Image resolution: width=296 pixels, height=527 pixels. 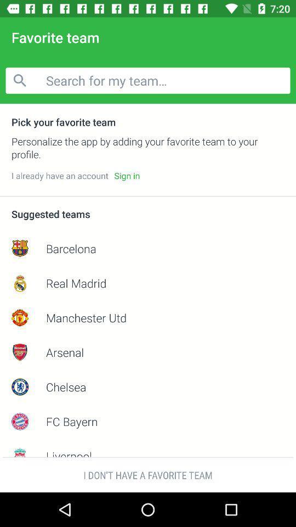 I want to click on icon next to i already have item, so click(x=126, y=176).